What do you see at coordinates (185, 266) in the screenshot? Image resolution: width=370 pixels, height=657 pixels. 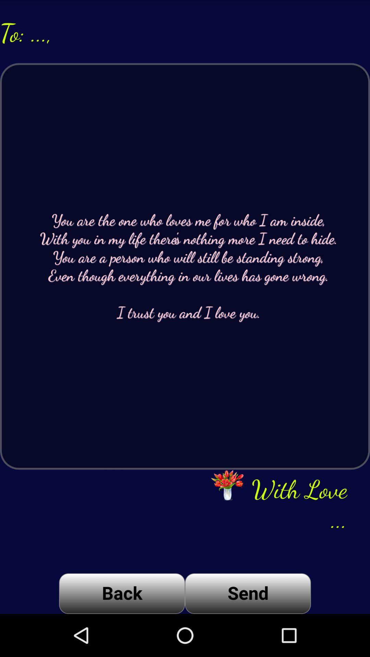 I see `the you are the item` at bounding box center [185, 266].